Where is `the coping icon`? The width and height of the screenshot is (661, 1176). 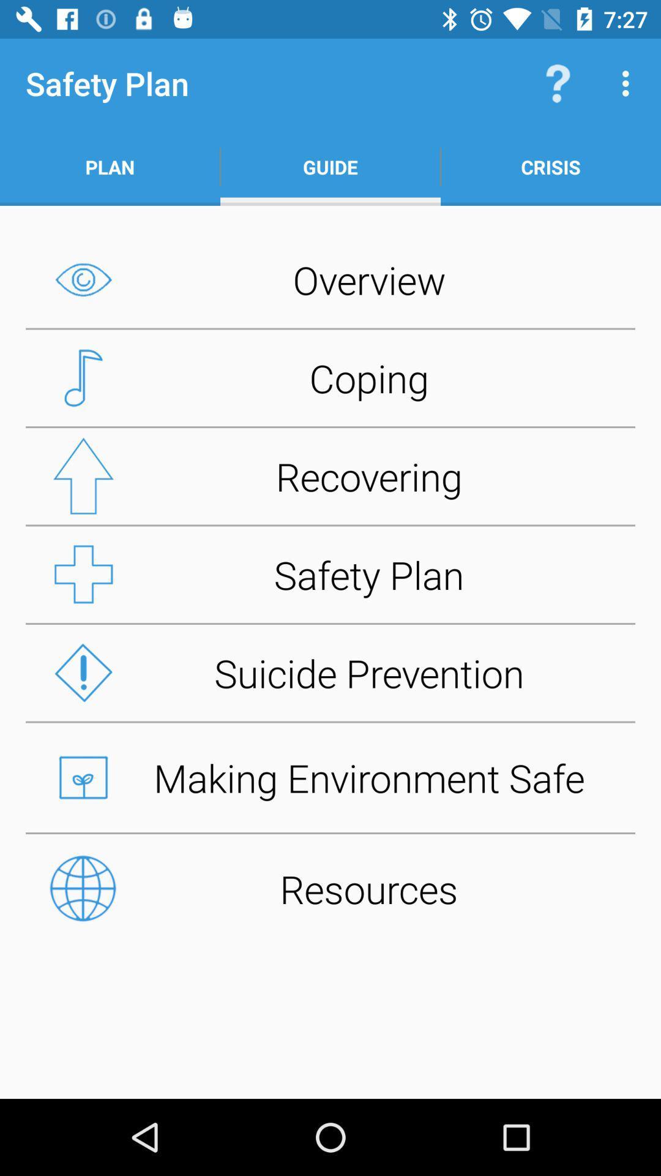
the coping icon is located at coordinates (330, 377).